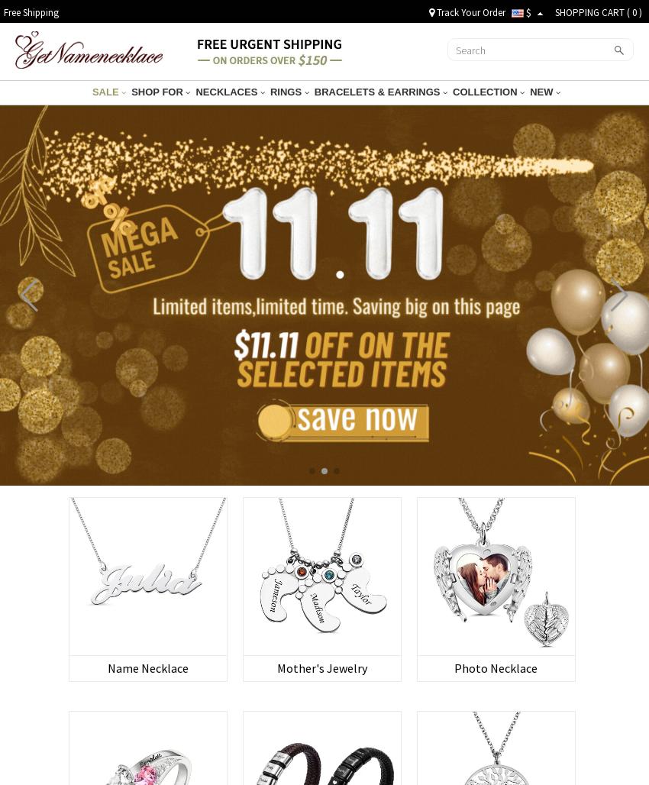 This screenshot has width=649, height=785. I want to click on 'SALE', so click(106, 91).